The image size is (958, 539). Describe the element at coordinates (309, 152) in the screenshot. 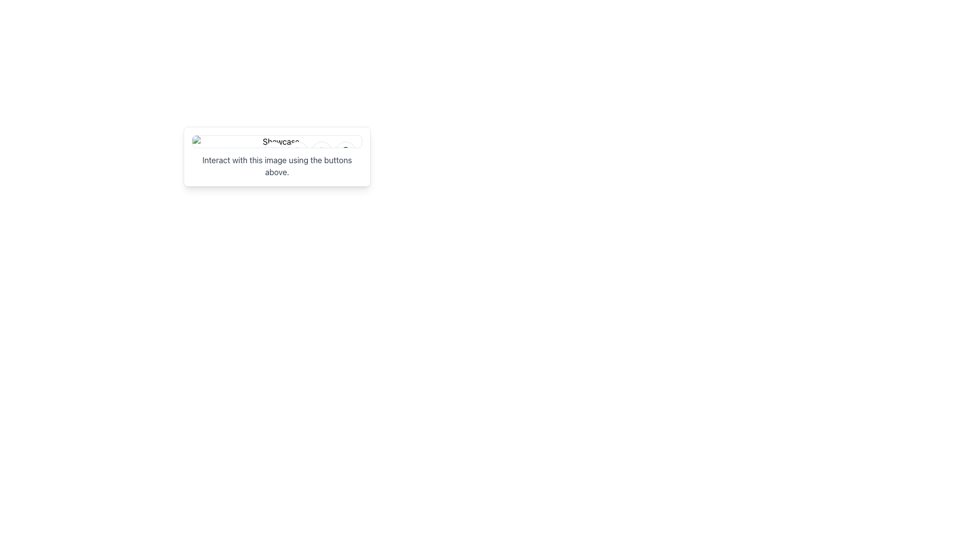

I see `one of the icons in the button group located in the upper-right corner` at that location.